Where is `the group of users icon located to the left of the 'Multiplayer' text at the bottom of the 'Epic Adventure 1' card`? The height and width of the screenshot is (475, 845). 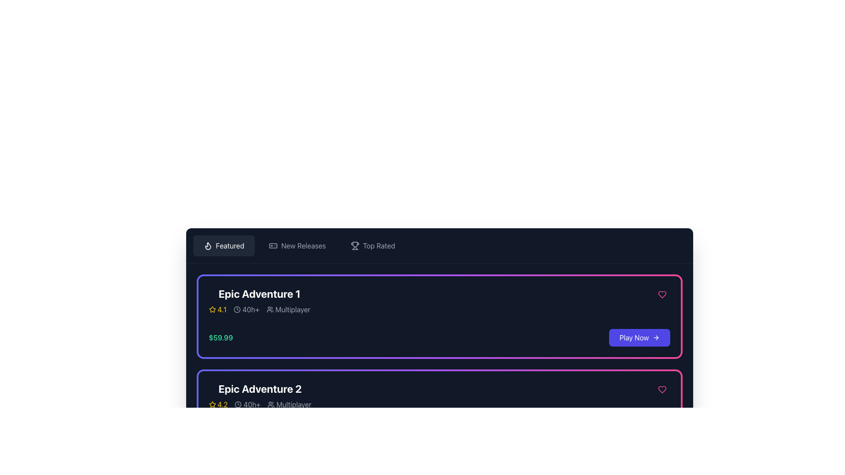
the group of users icon located to the left of the 'Multiplayer' text at the bottom of the 'Epic Adventure 1' card is located at coordinates (269, 309).